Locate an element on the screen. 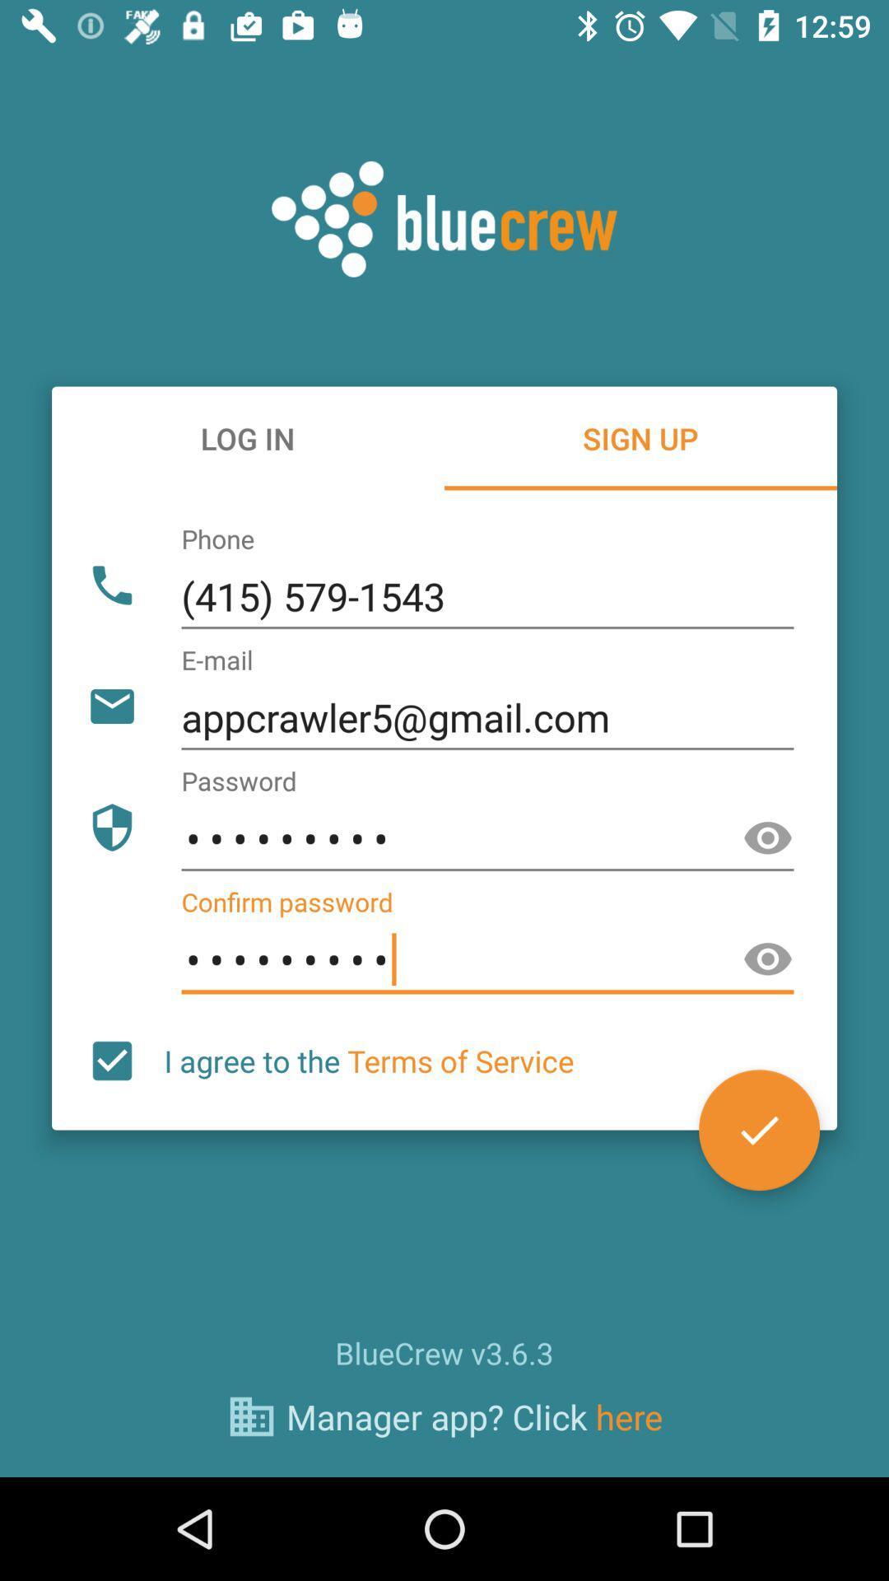  password is located at coordinates (768, 838).